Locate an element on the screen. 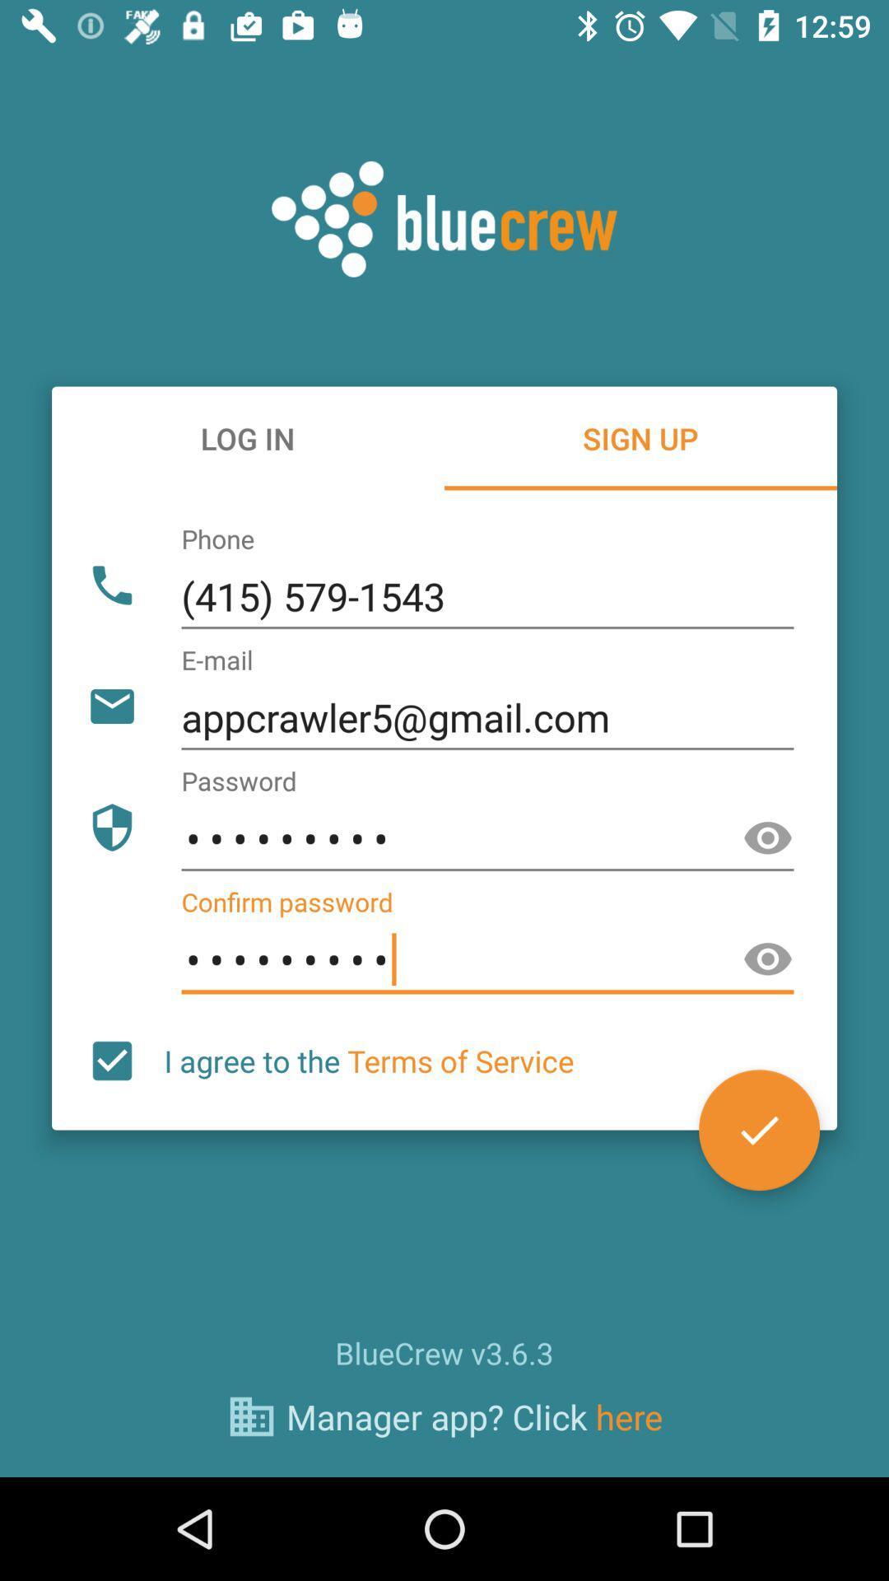  password is located at coordinates (768, 838).